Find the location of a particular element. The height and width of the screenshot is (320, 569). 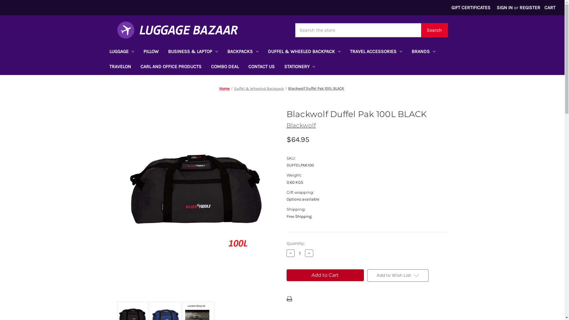

'Add to Wish List' is located at coordinates (398, 275).